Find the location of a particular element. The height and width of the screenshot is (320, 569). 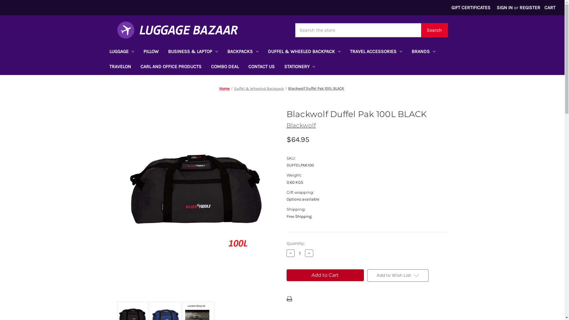

'Add to Wish List' is located at coordinates (398, 275).